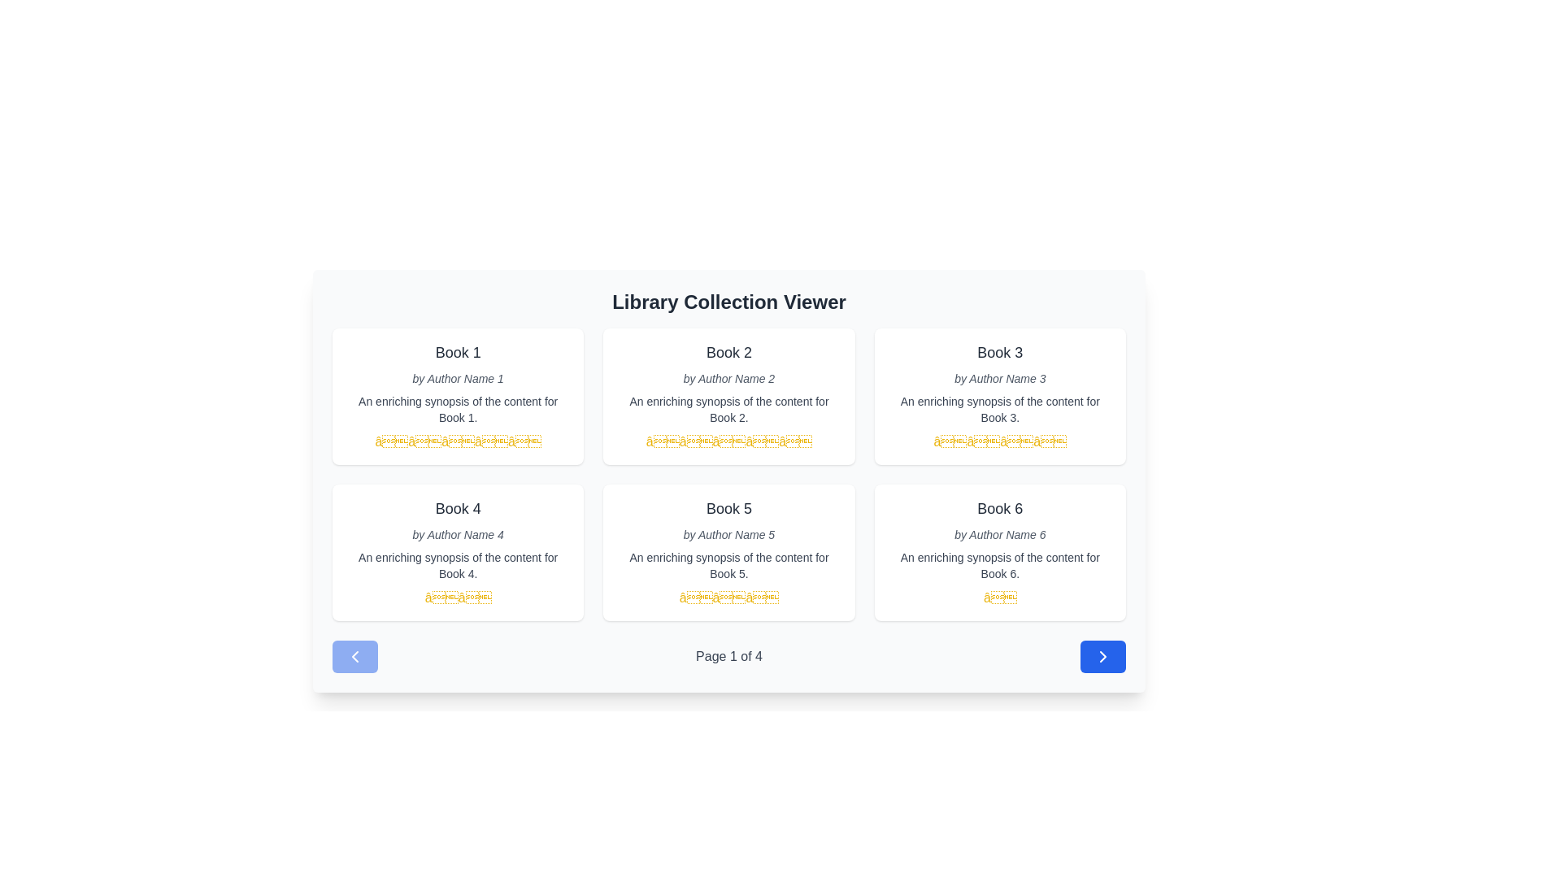  What do you see at coordinates (728, 551) in the screenshot?
I see `information contained in the card element titled 'Book 5', which includes the subtitle, descriptive paragraph, and rating stars` at bounding box center [728, 551].